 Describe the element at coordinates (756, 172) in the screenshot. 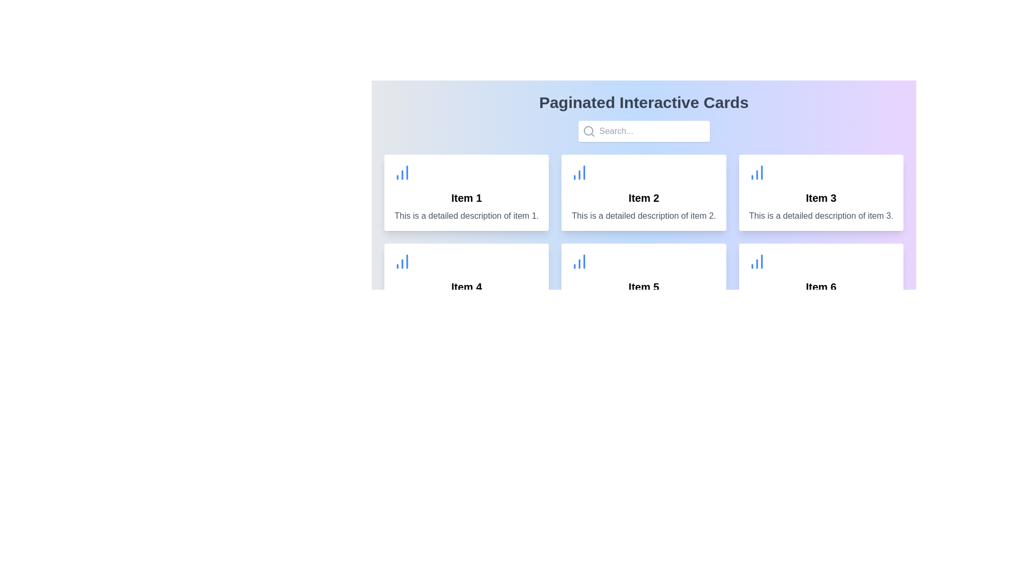

I see `the SVG chart icon with three vertical bars of increasing height, colored in blue, located in the top left corner of the card labeled 'Item 3'` at that location.